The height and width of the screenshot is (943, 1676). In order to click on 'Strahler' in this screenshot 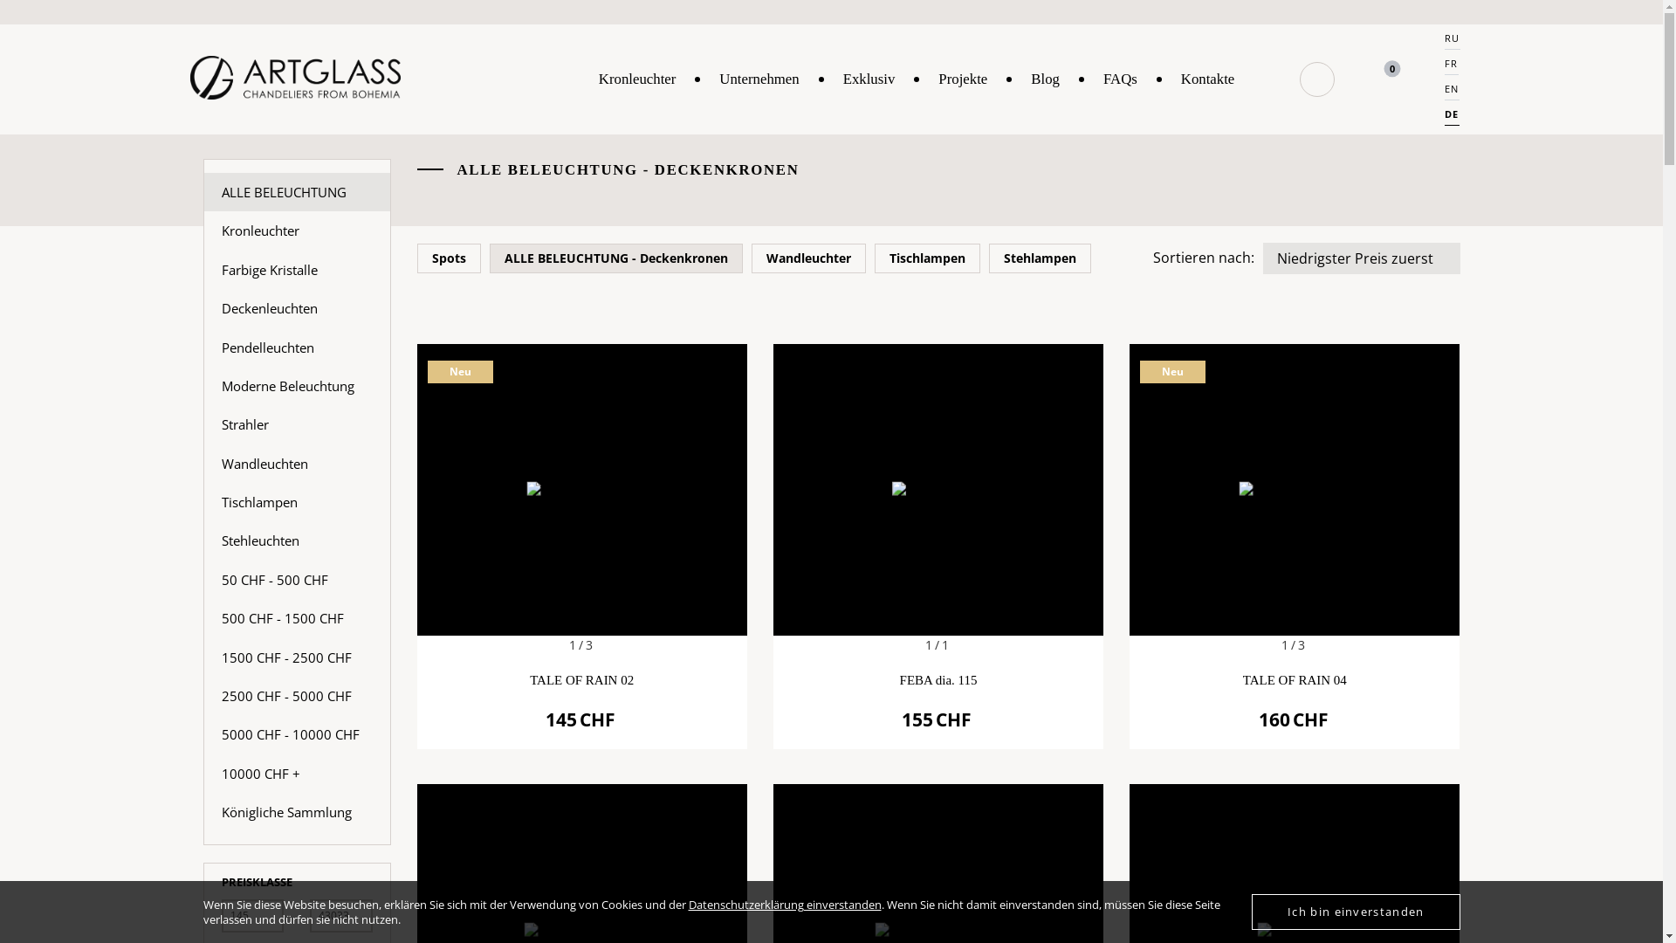, I will do `click(297, 424)`.